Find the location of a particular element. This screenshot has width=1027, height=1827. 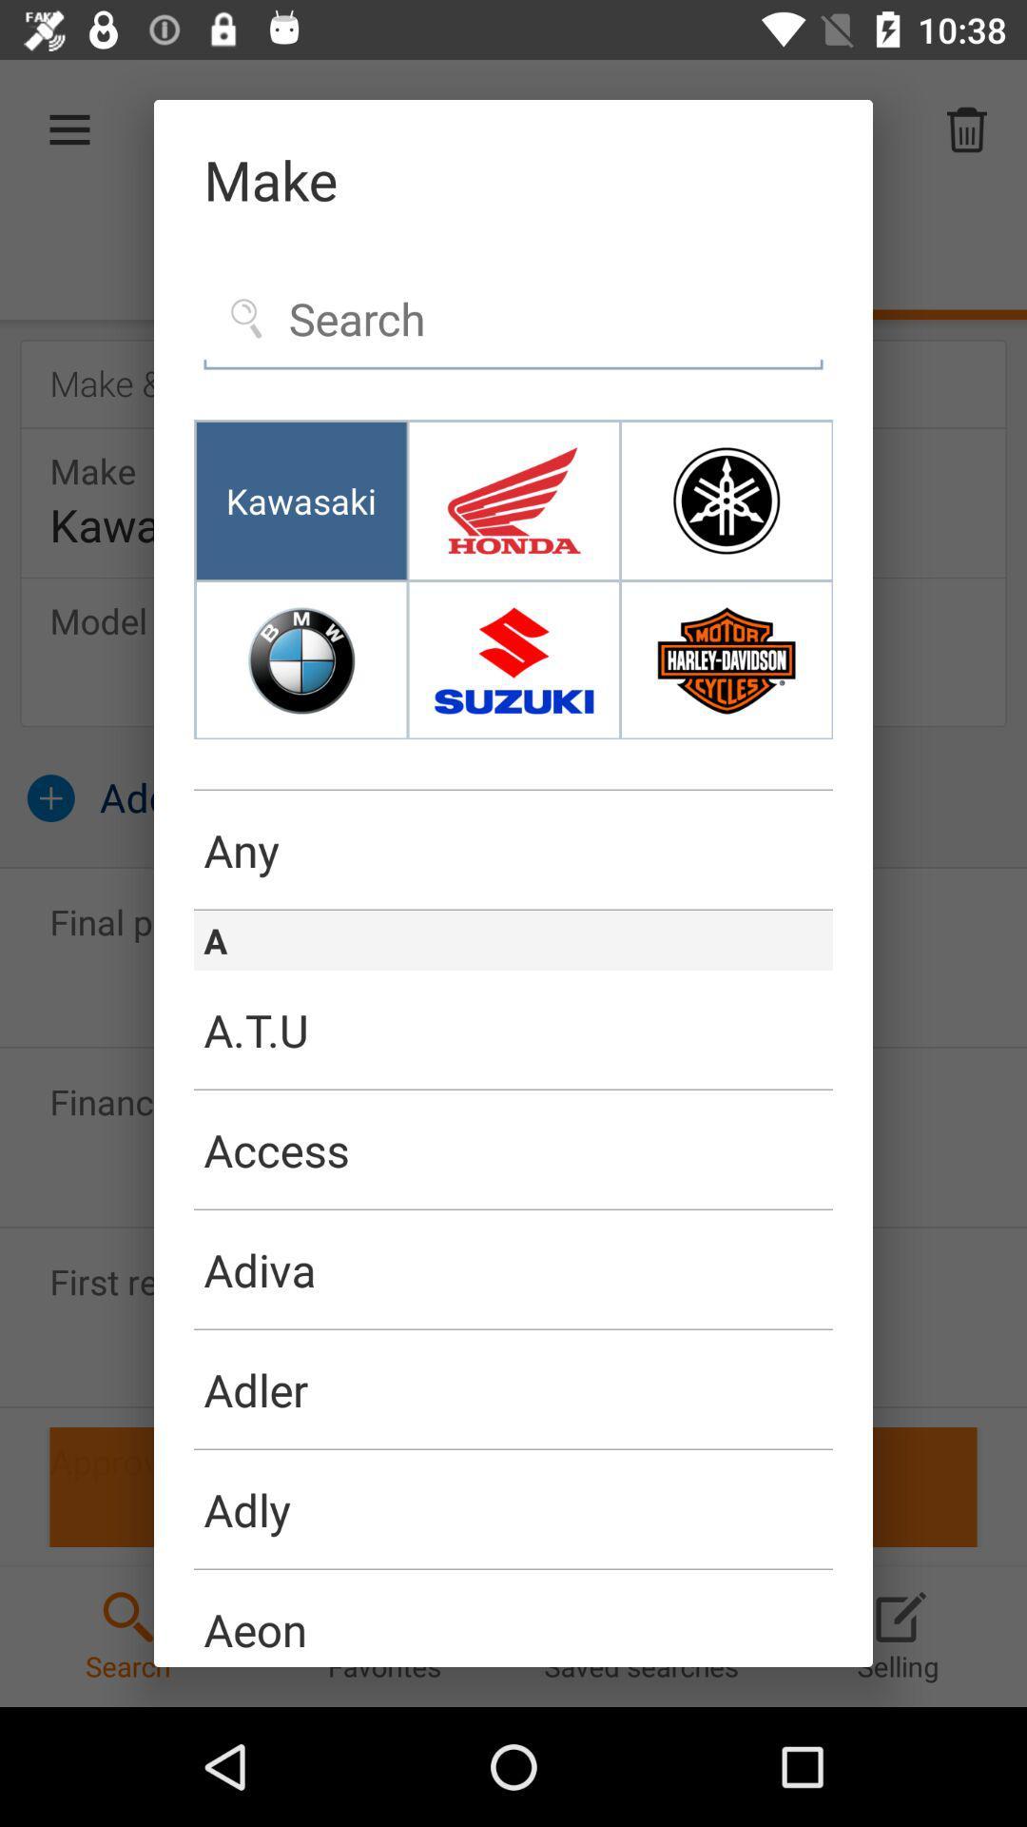

the icon below adler item is located at coordinates (513, 1448).